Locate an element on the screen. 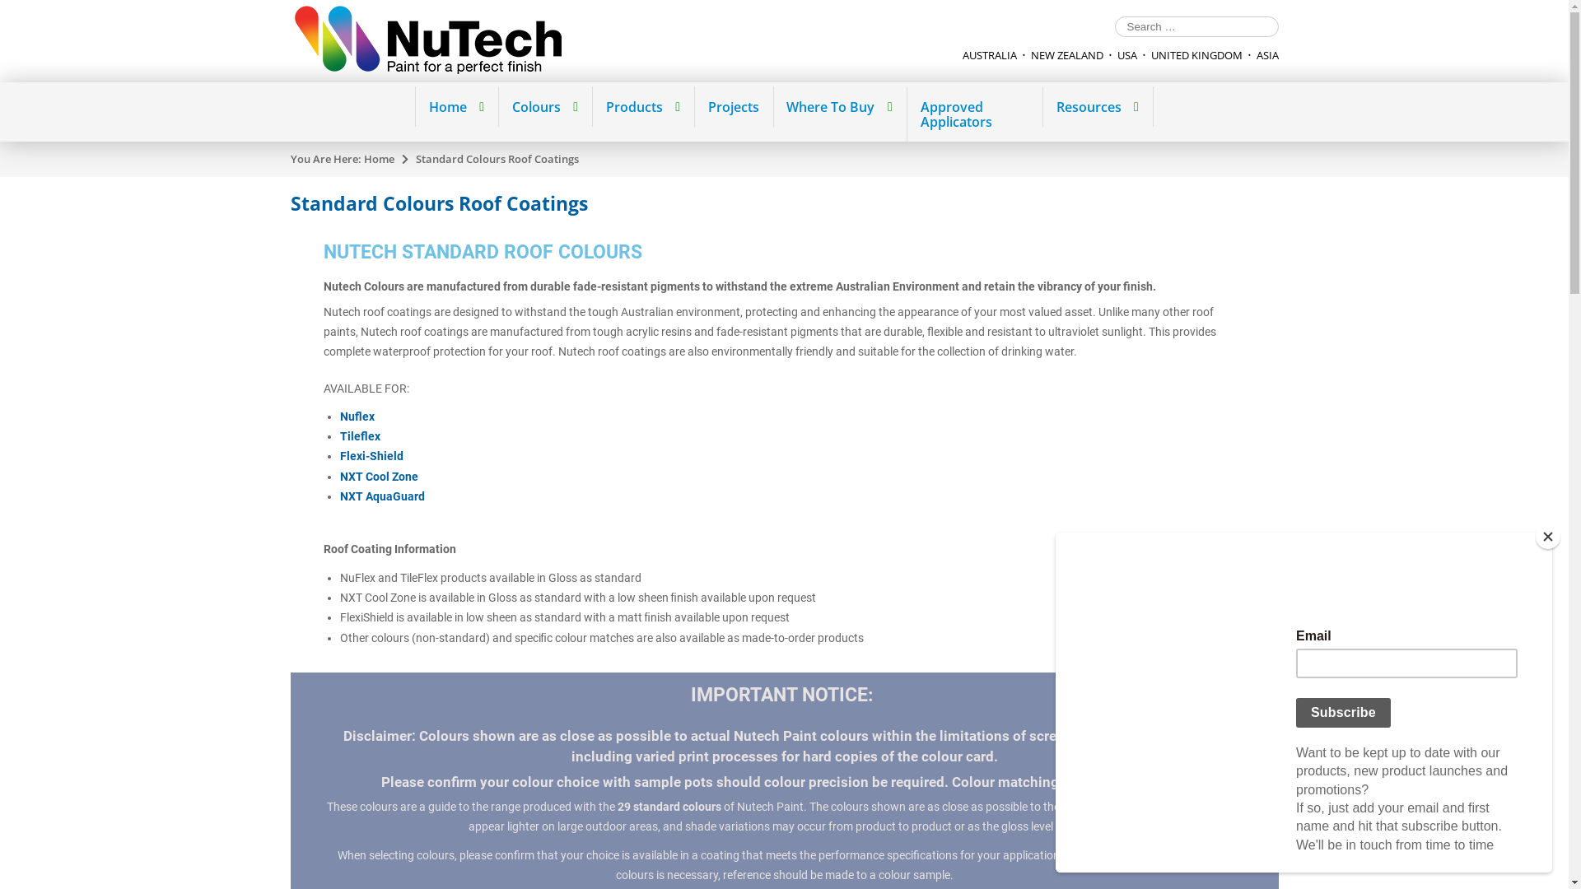 This screenshot has width=1581, height=889. 'Where To Buy' is located at coordinates (839, 106).